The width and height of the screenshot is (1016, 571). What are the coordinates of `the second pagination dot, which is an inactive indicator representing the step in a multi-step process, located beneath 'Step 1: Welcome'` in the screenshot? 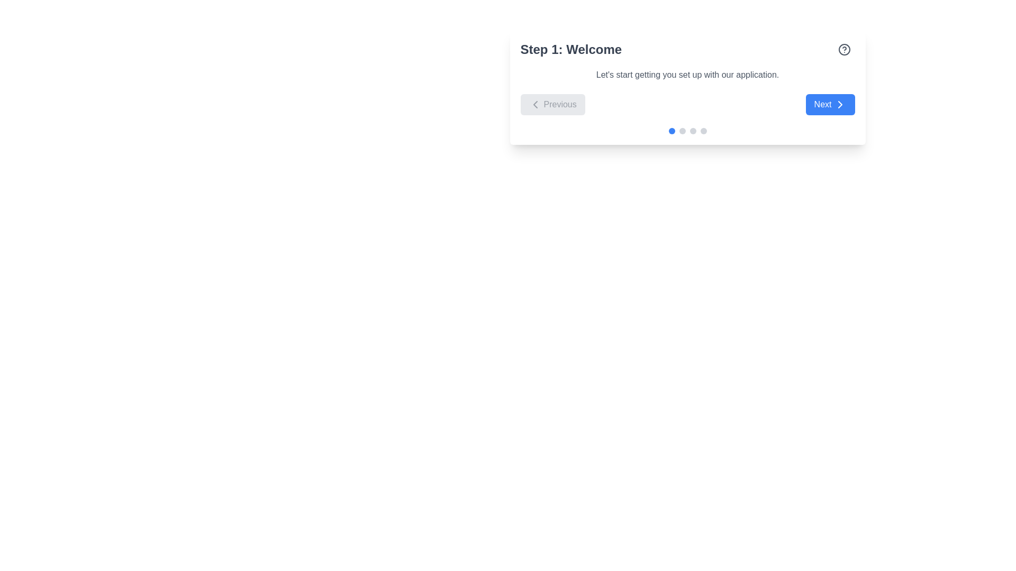 It's located at (682, 130).